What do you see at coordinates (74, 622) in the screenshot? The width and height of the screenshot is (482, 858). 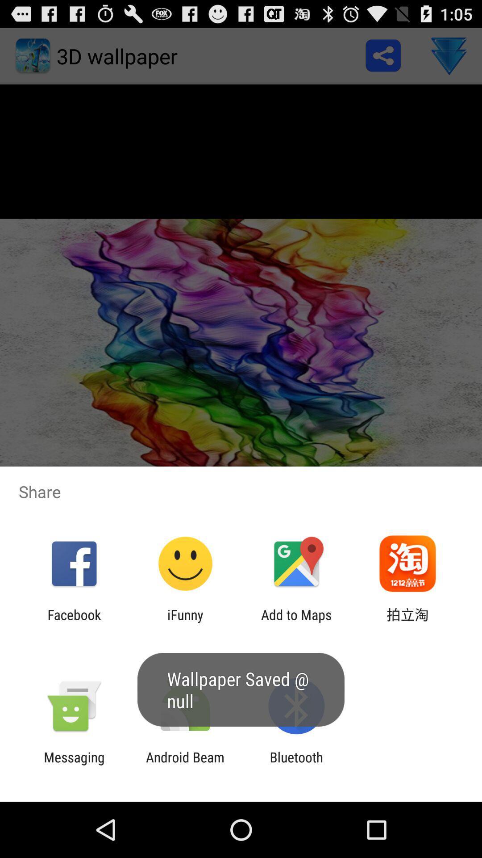 I see `the facebook icon` at bounding box center [74, 622].